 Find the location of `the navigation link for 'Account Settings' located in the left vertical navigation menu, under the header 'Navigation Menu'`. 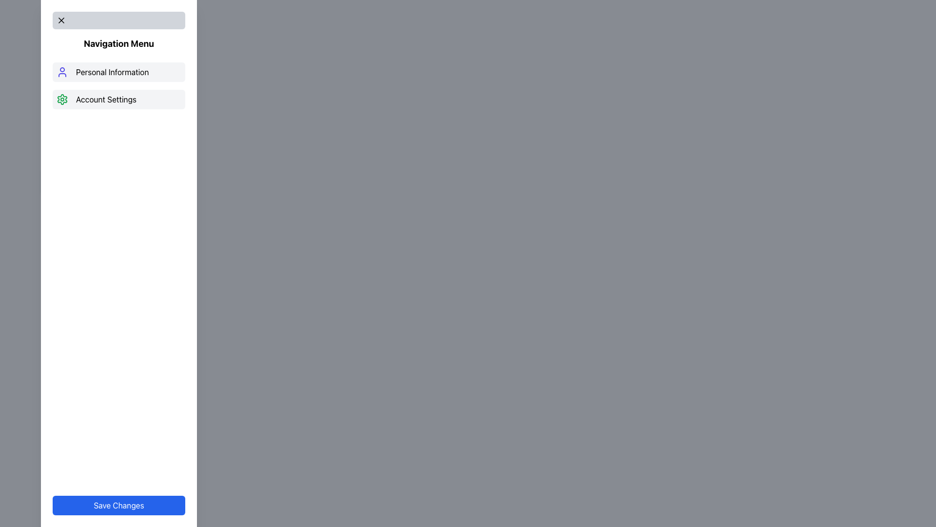

the navigation link for 'Account Settings' located in the left vertical navigation menu, under the header 'Navigation Menu' is located at coordinates (118, 100).